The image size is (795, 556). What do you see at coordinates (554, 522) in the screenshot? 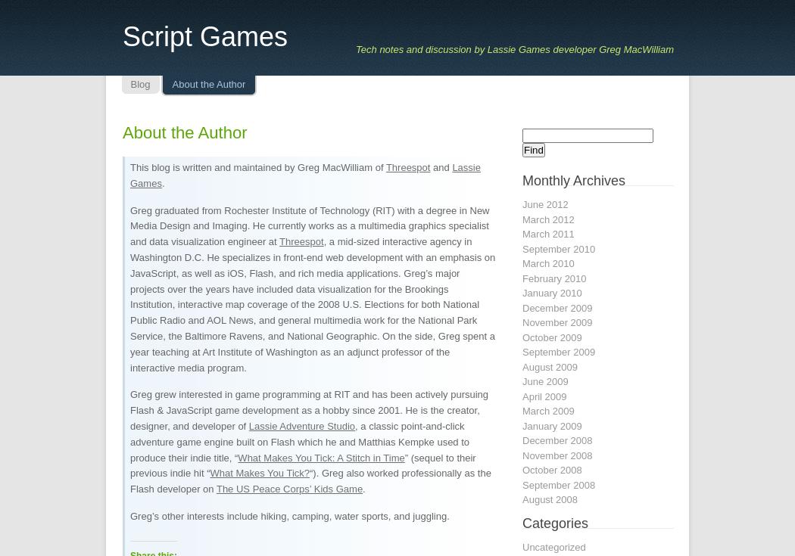
I see `'Categories'` at bounding box center [554, 522].